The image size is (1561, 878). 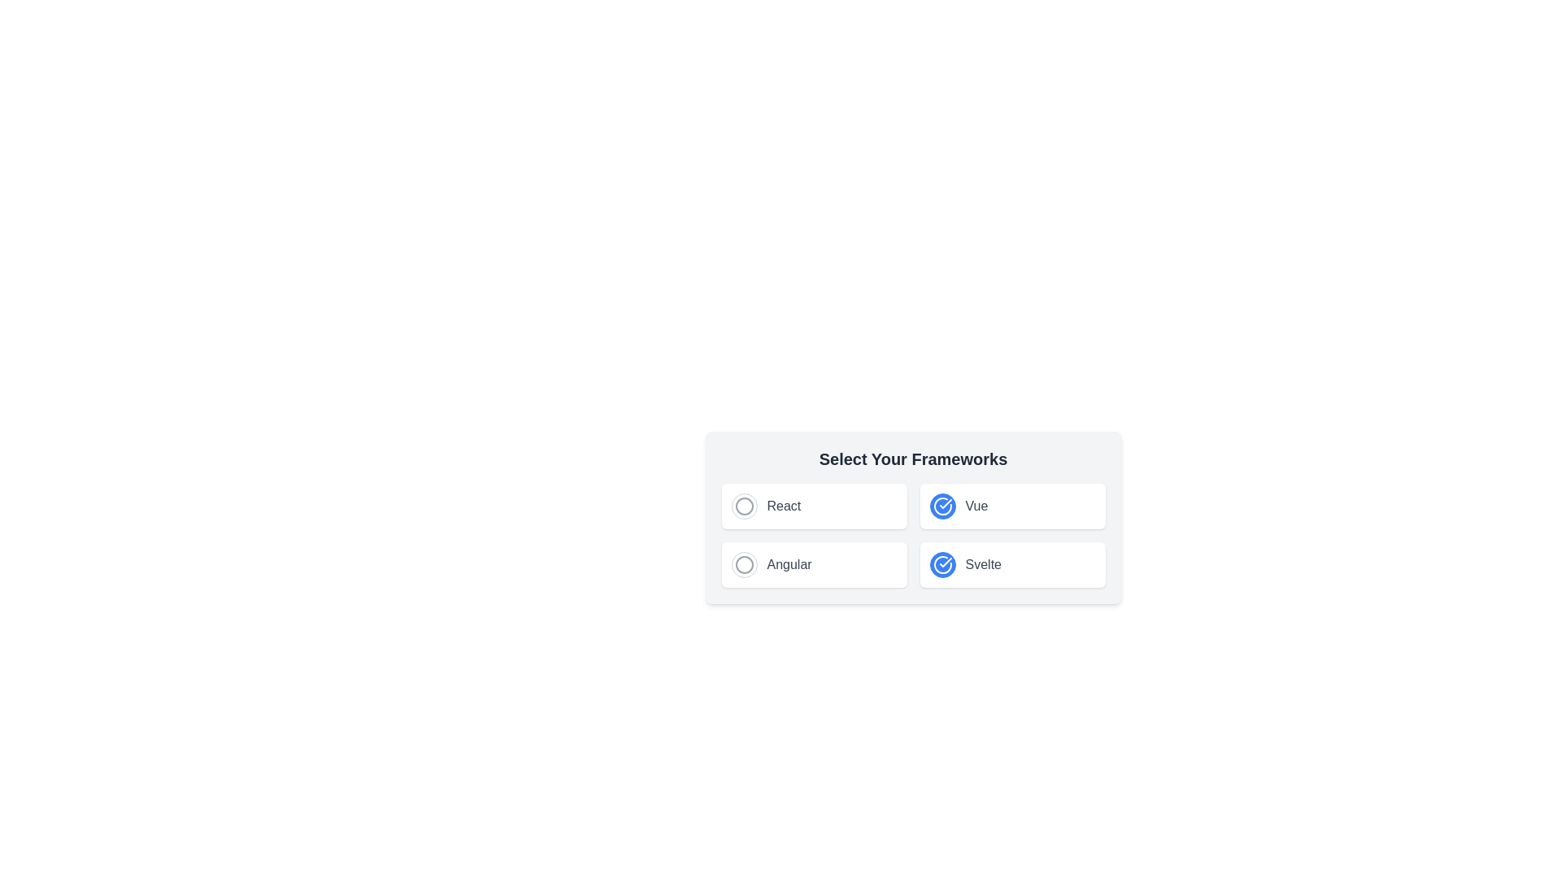 What do you see at coordinates (1011, 563) in the screenshot?
I see `the selectable list item for the 'Svelte' framework` at bounding box center [1011, 563].